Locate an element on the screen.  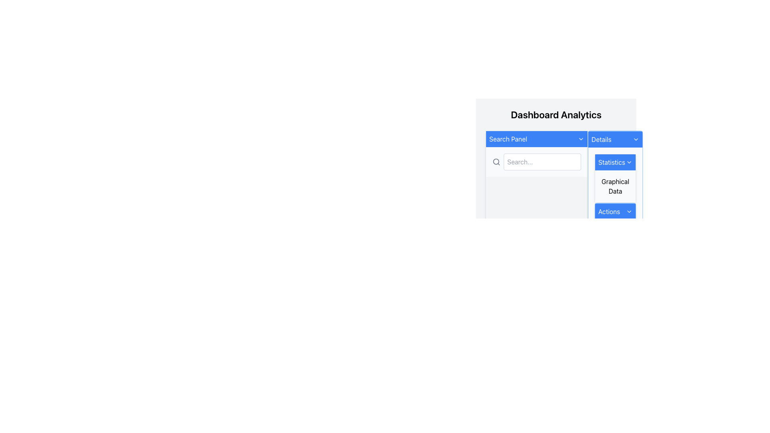
the interactive dropdown menu item located in the right-side details panel under the 'Details' dropdown, which is the third section listed after 'Statistics' and 'Graphical Data' is located at coordinates (615, 212).